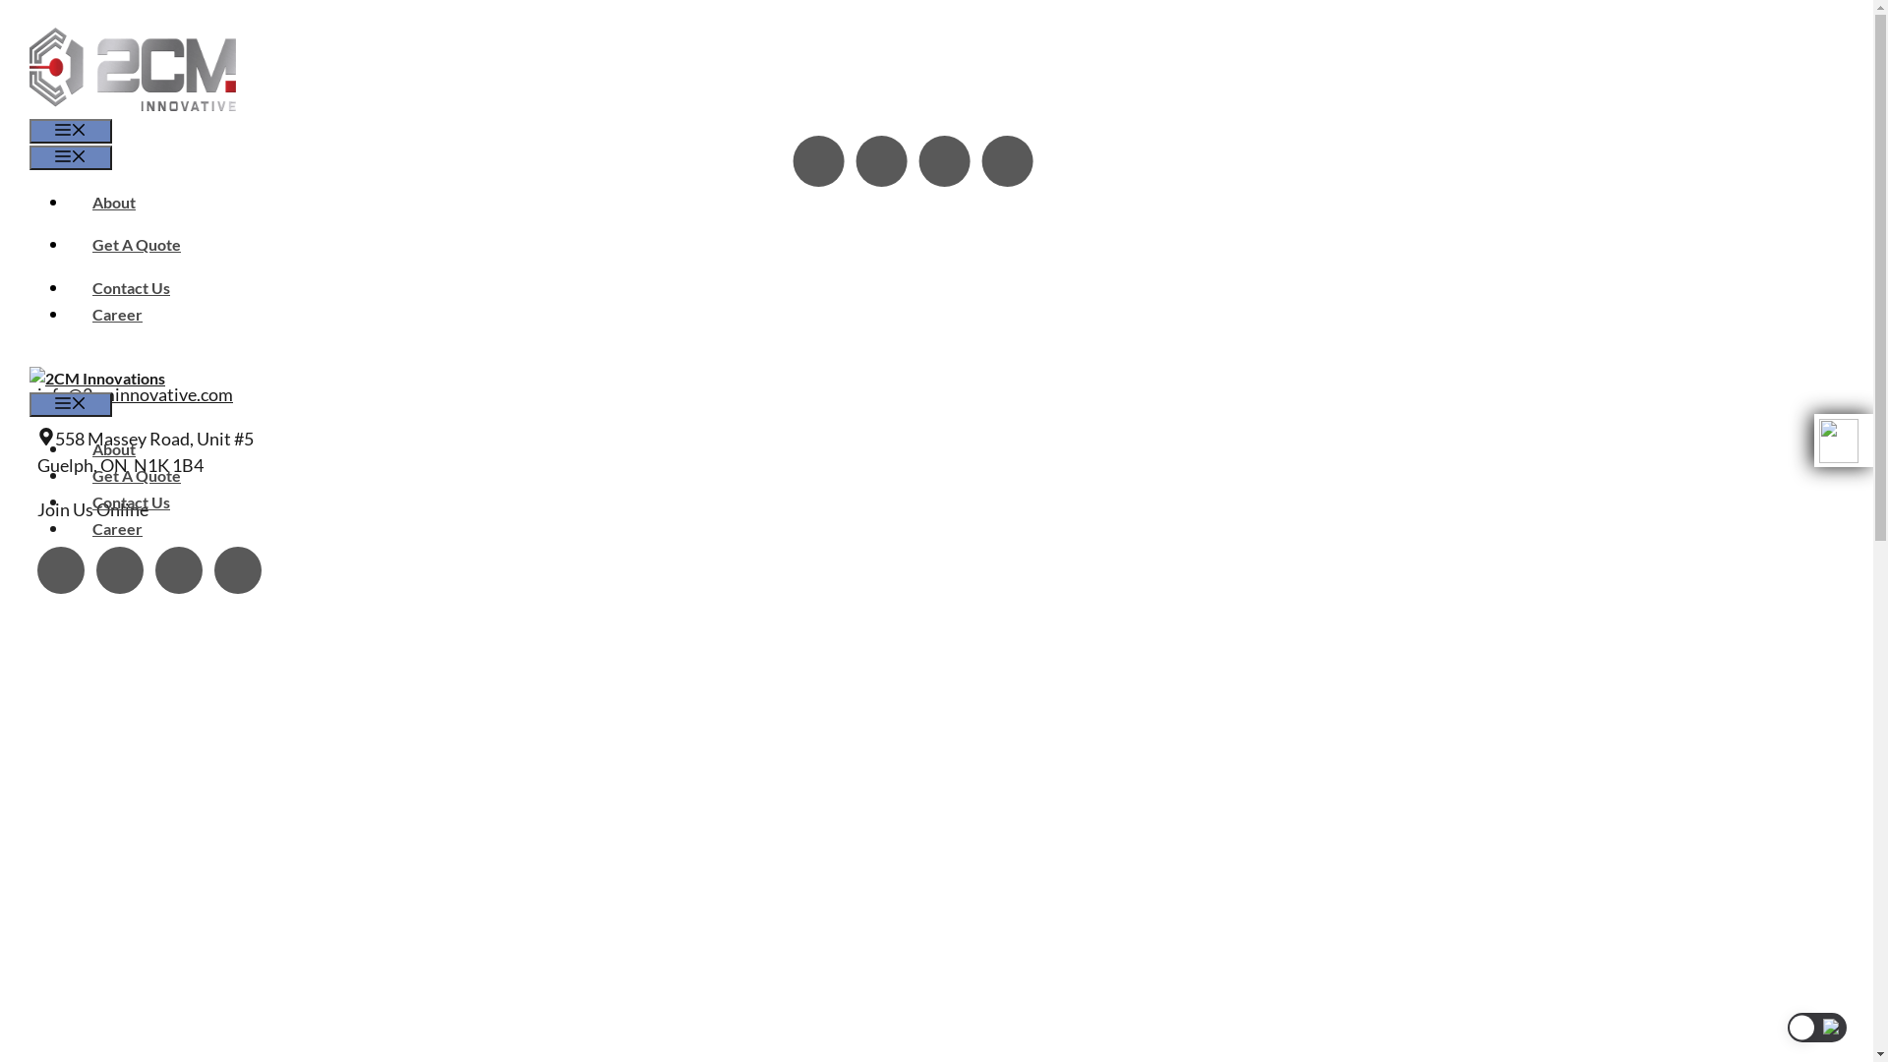 The height and width of the screenshot is (1062, 1888). Describe the element at coordinates (236, 569) in the screenshot. I see `'LinkedIn'` at that location.